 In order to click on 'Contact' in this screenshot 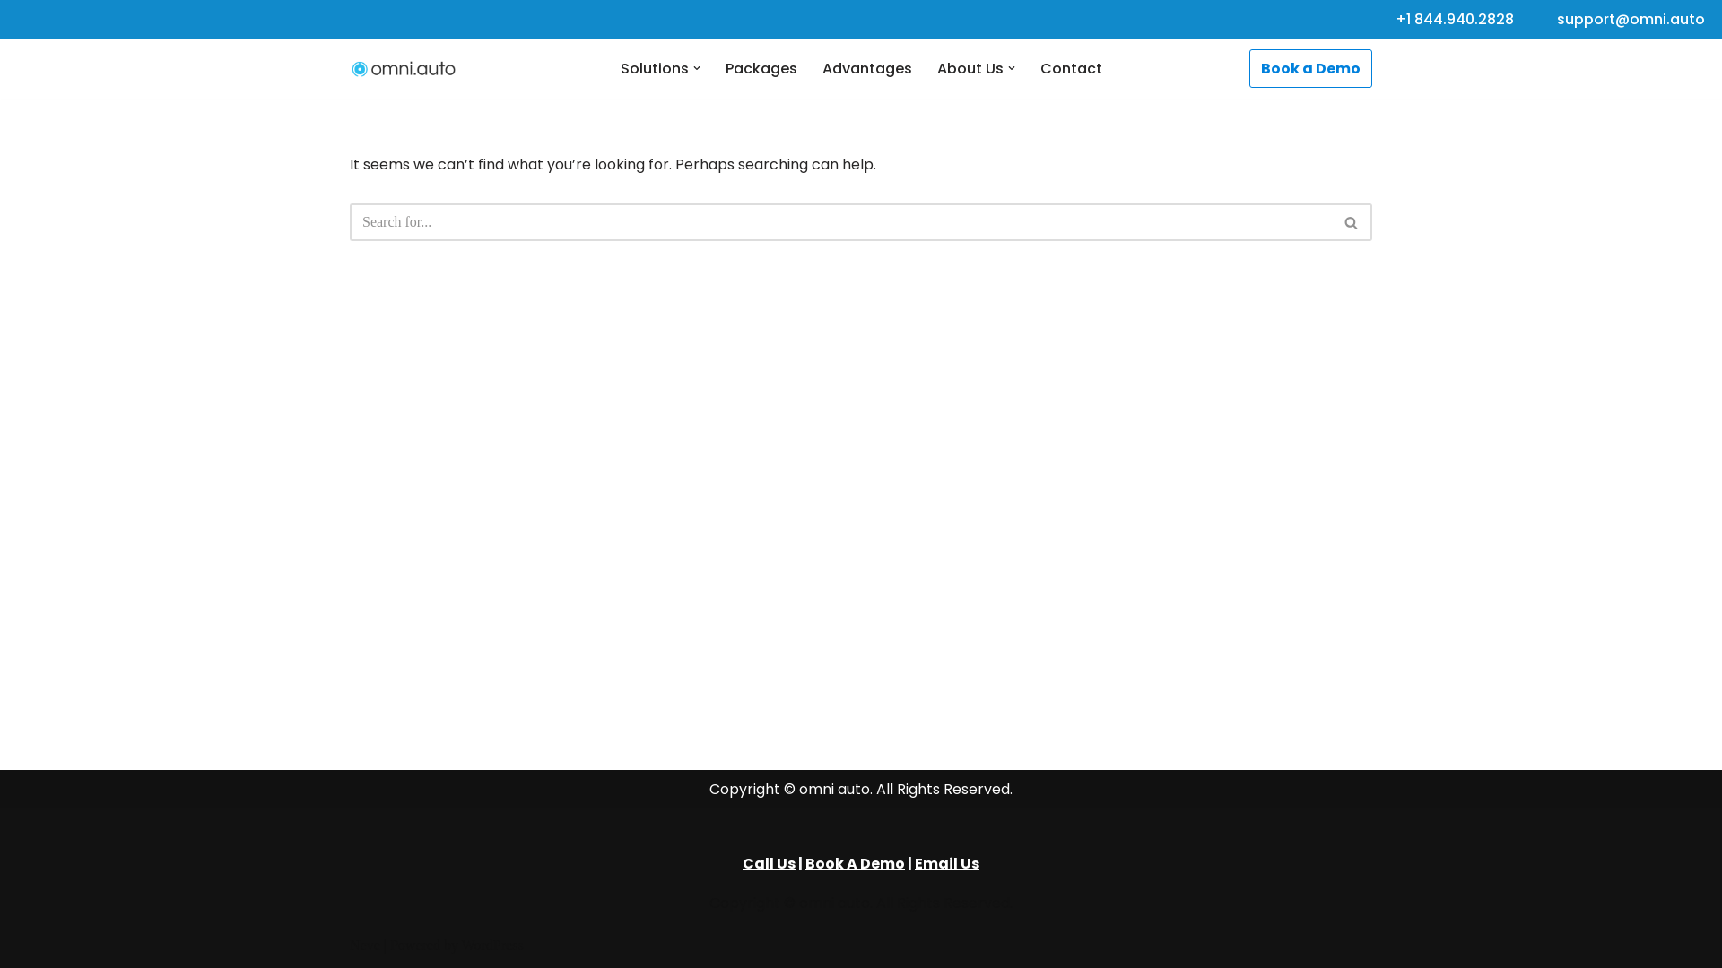, I will do `click(1071, 67)`.